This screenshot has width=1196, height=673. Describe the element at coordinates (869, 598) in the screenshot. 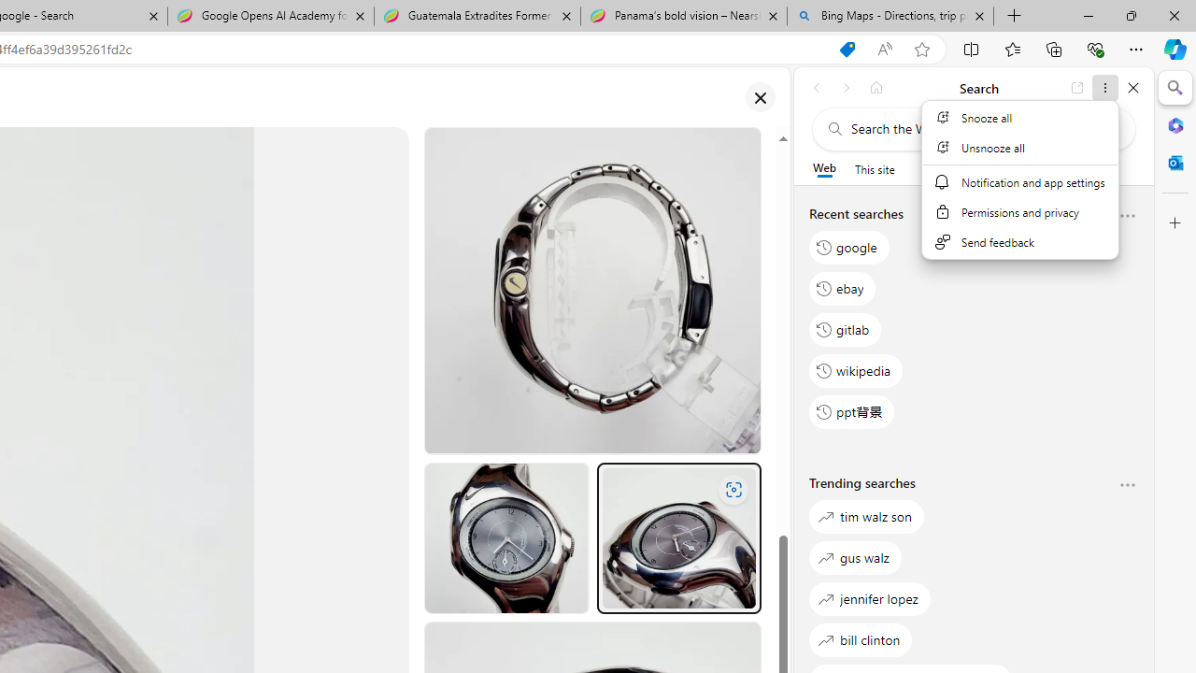

I see `'jennifer lopez'` at that location.